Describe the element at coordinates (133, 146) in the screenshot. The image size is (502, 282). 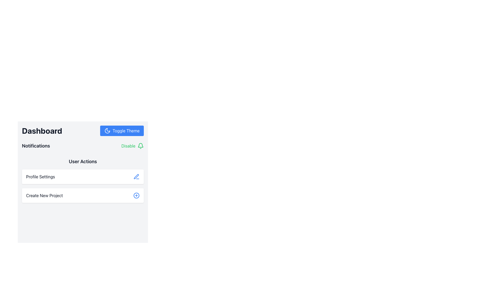
I see `the 'Disable' button in the Notifications section using keyboard navigation to focus on it` at that location.